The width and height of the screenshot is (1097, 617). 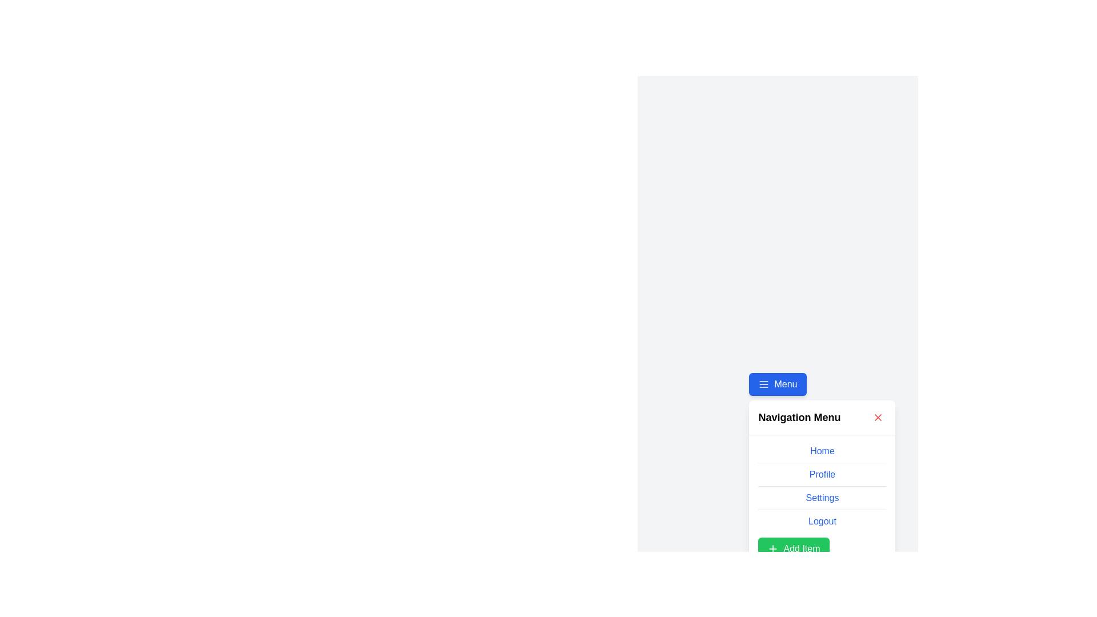 I want to click on the 'Menu' button, which is a blue button with white text and an icon resembling three horizontal lines, located in the top-right area of the interface, so click(x=777, y=384).